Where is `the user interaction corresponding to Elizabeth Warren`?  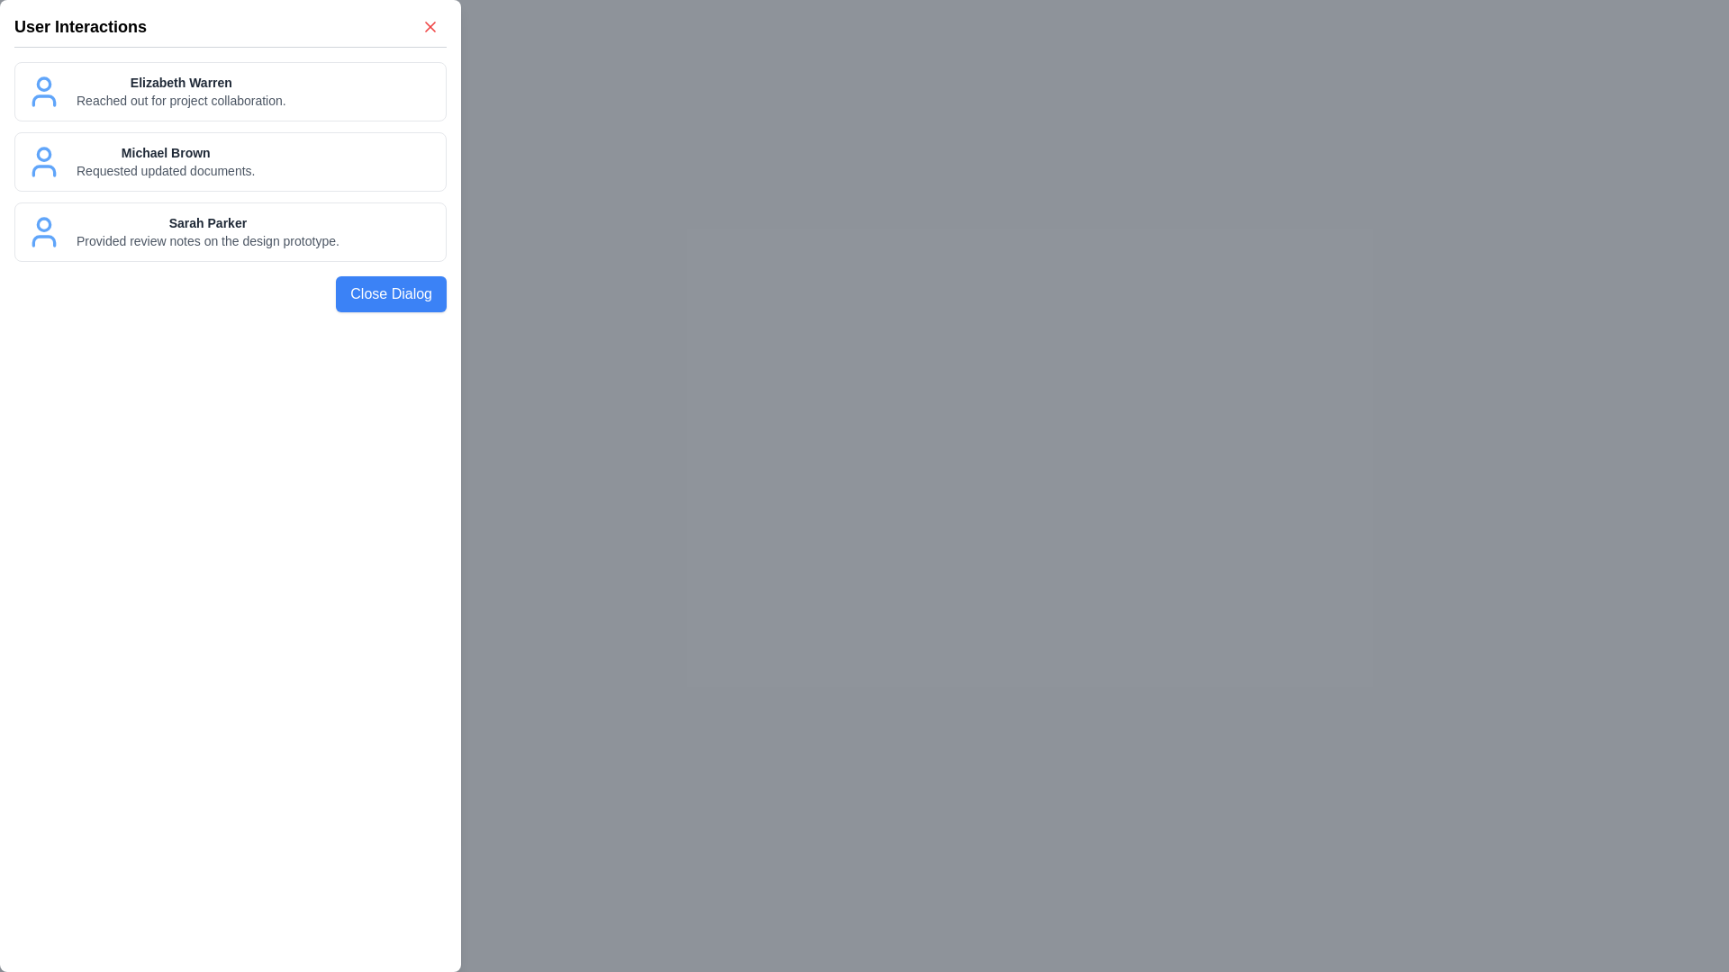 the user interaction corresponding to Elizabeth Warren is located at coordinates (229, 91).